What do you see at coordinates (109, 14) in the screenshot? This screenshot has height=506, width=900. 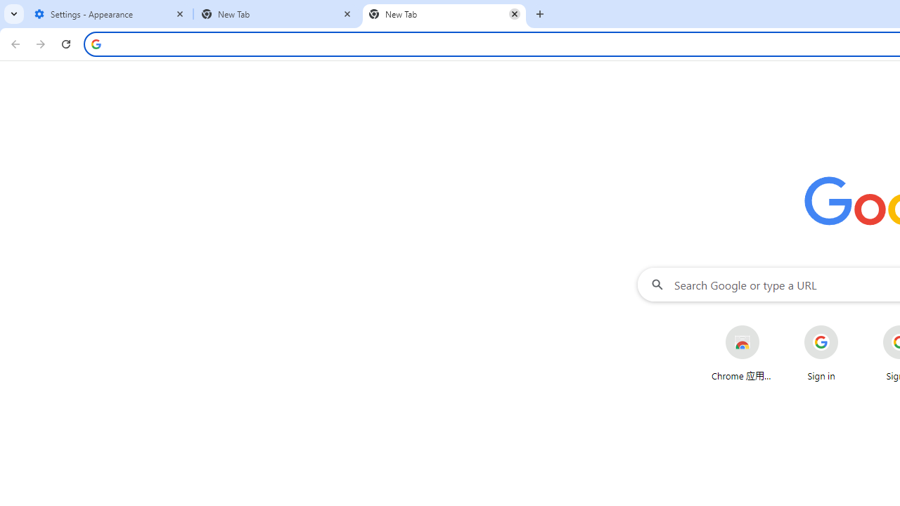 I see `'Settings - Appearance'` at bounding box center [109, 14].